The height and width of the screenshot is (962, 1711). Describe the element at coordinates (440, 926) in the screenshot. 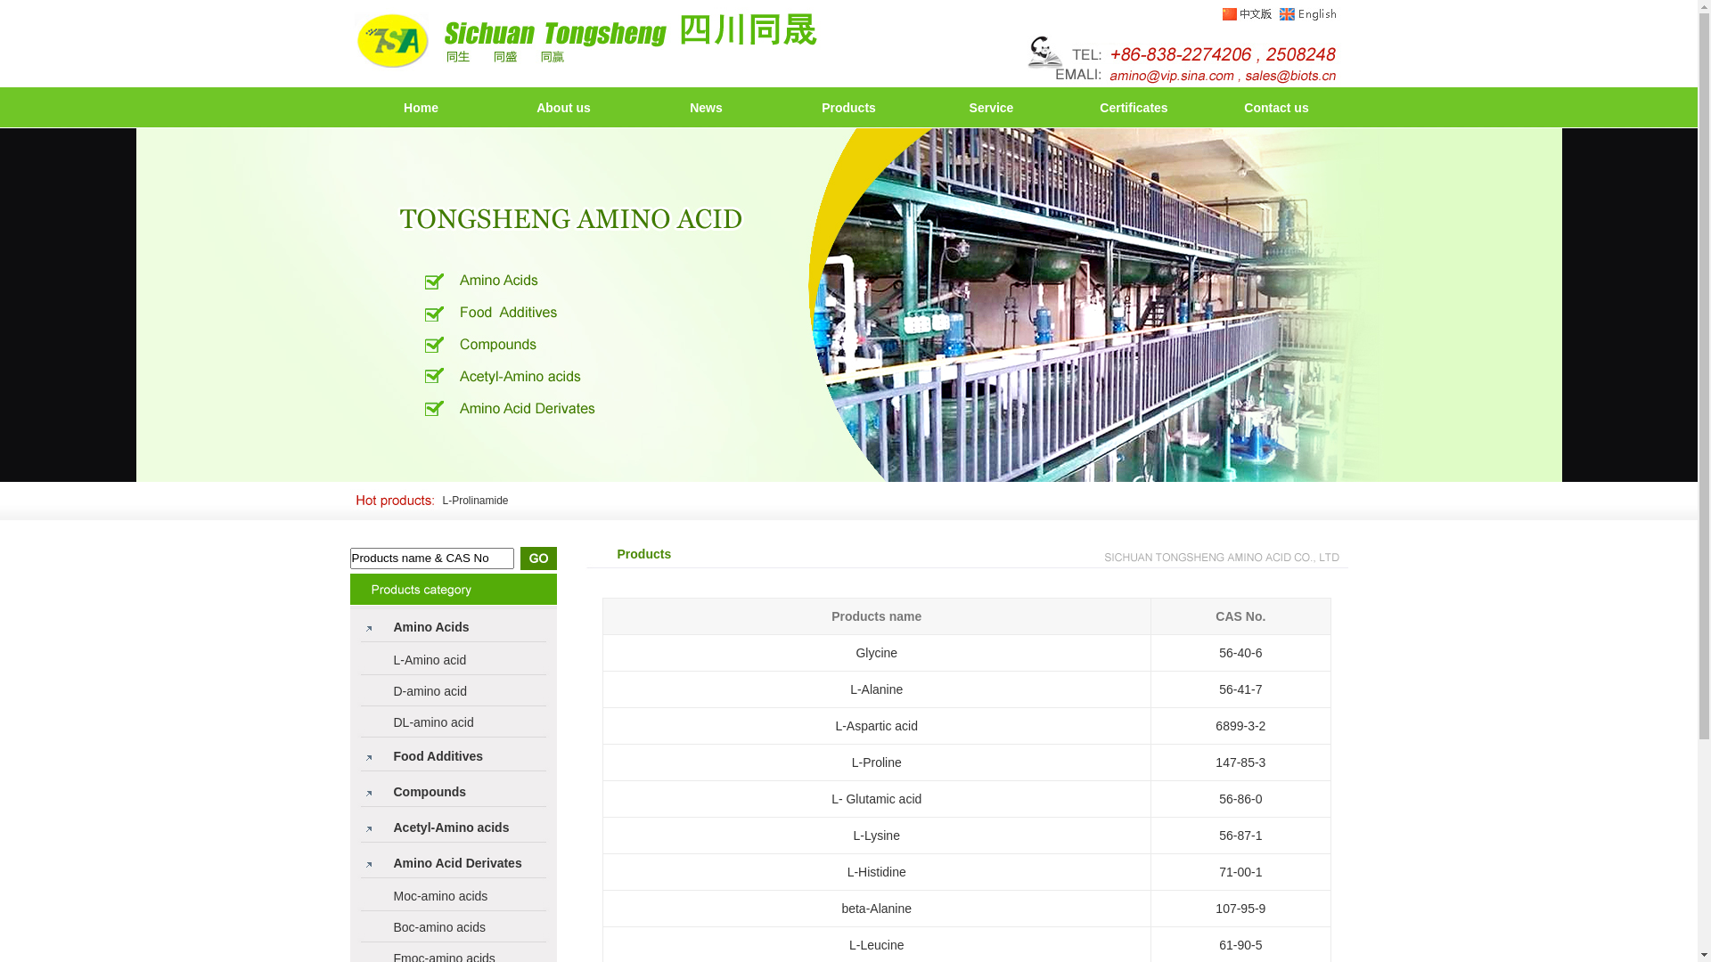

I see `'Boc-amino acids'` at that location.